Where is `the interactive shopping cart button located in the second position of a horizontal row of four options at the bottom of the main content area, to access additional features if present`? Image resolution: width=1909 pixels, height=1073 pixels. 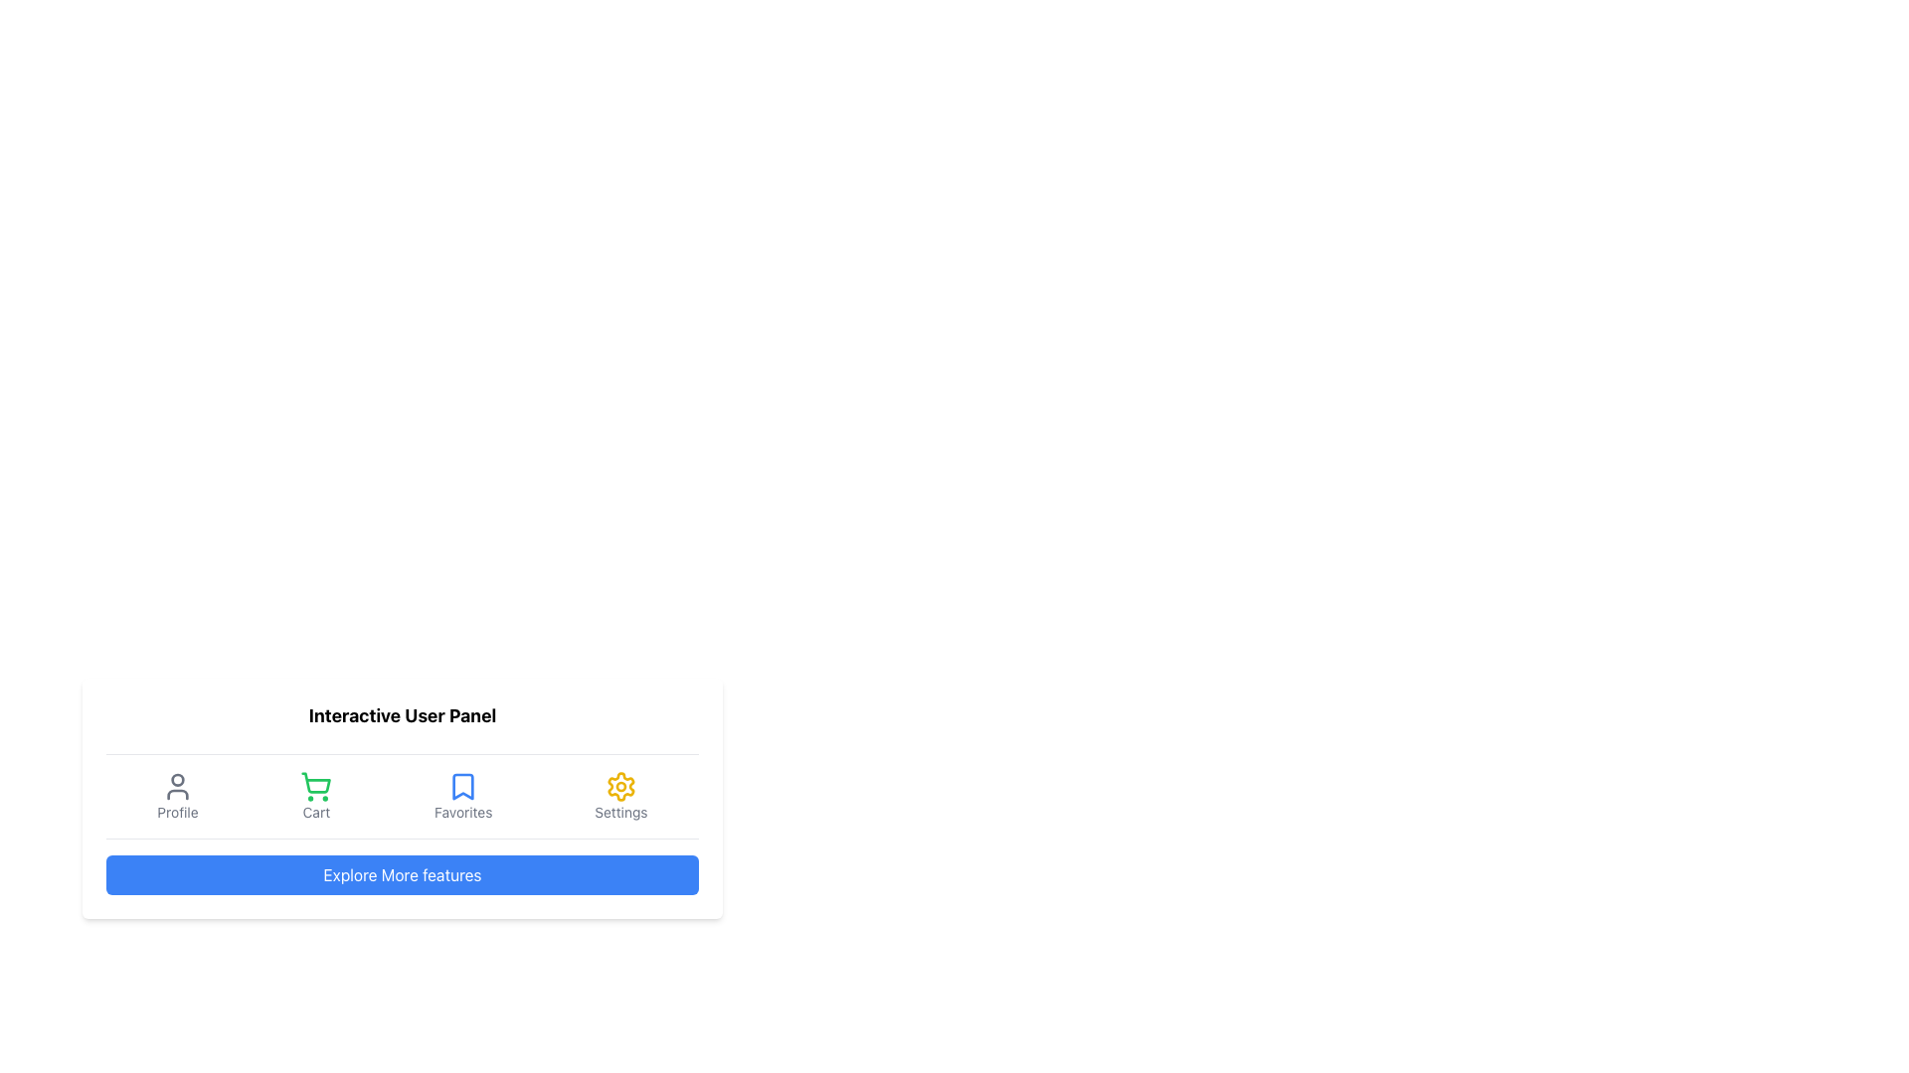
the interactive shopping cart button located in the second position of a horizontal row of four options at the bottom of the main content area, to access additional features if present is located at coordinates (315, 796).